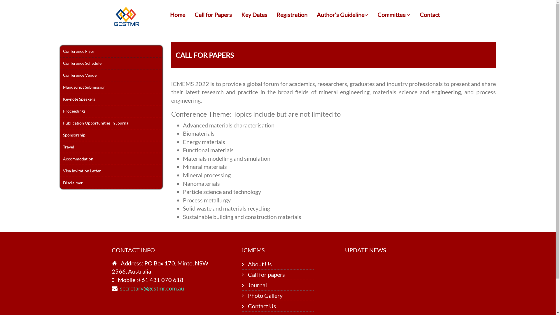  I want to click on 'Disclaimer', so click(111, 183).